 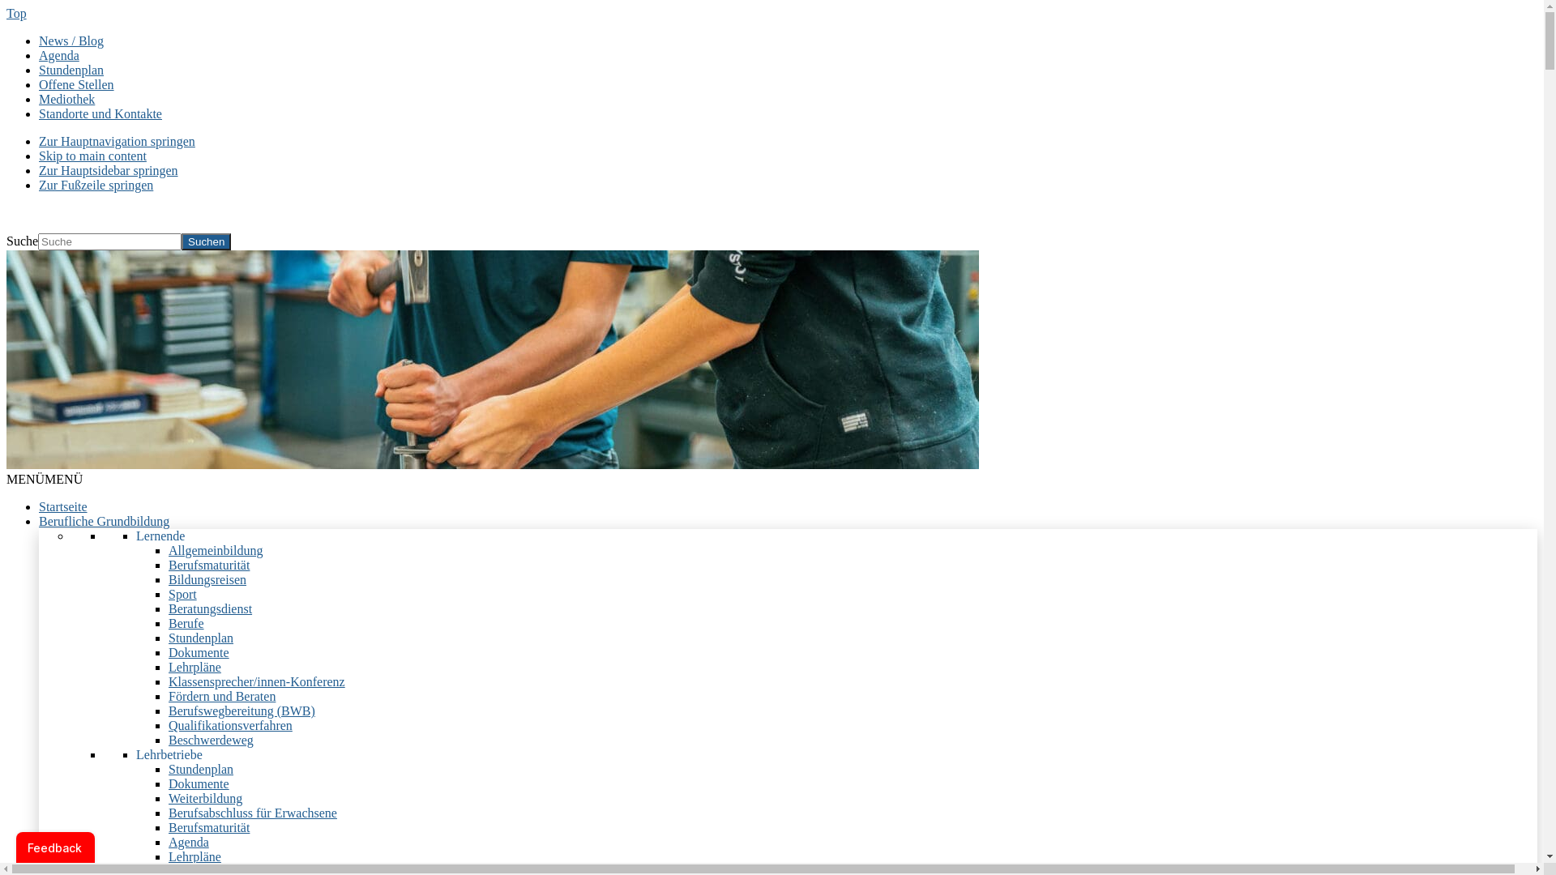 What do you see at coordinates (28, 211) in the screenshot?
I see `'BBZ BL'` at bounding box center [28, 211].